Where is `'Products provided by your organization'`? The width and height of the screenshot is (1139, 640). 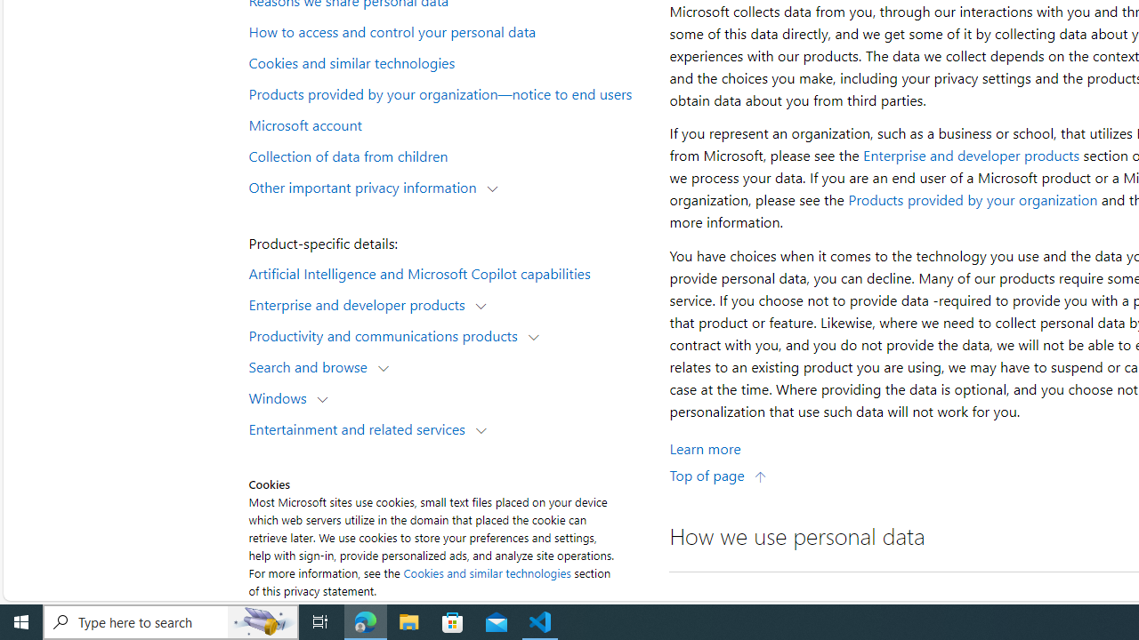
'Products provided by your organization' is located at coordinates (972, 200).